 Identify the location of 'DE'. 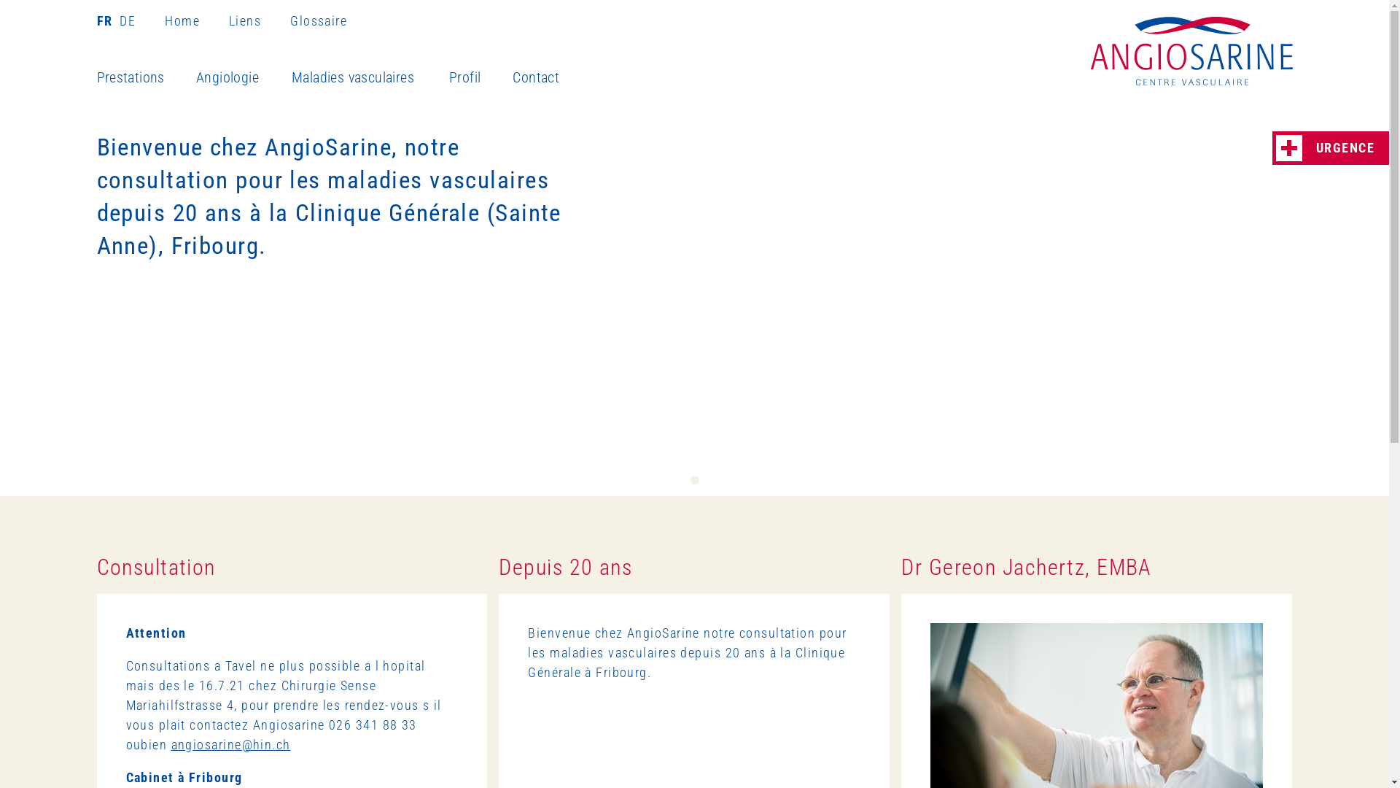
(114, 20).